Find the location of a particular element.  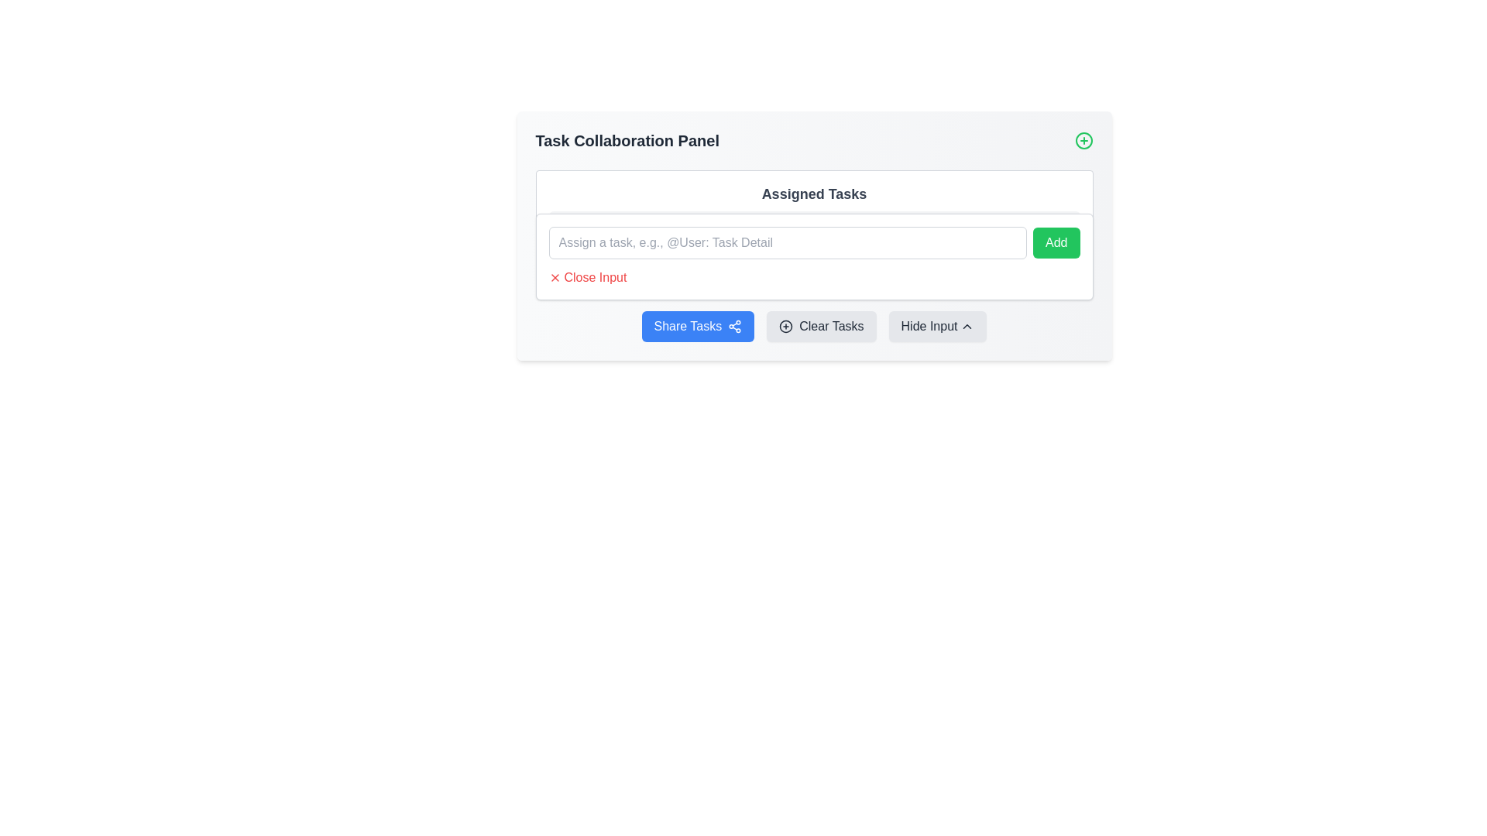

the button in the top-right corner of the 'Assigned Tasks' area is located at coordinates (1056, 242).